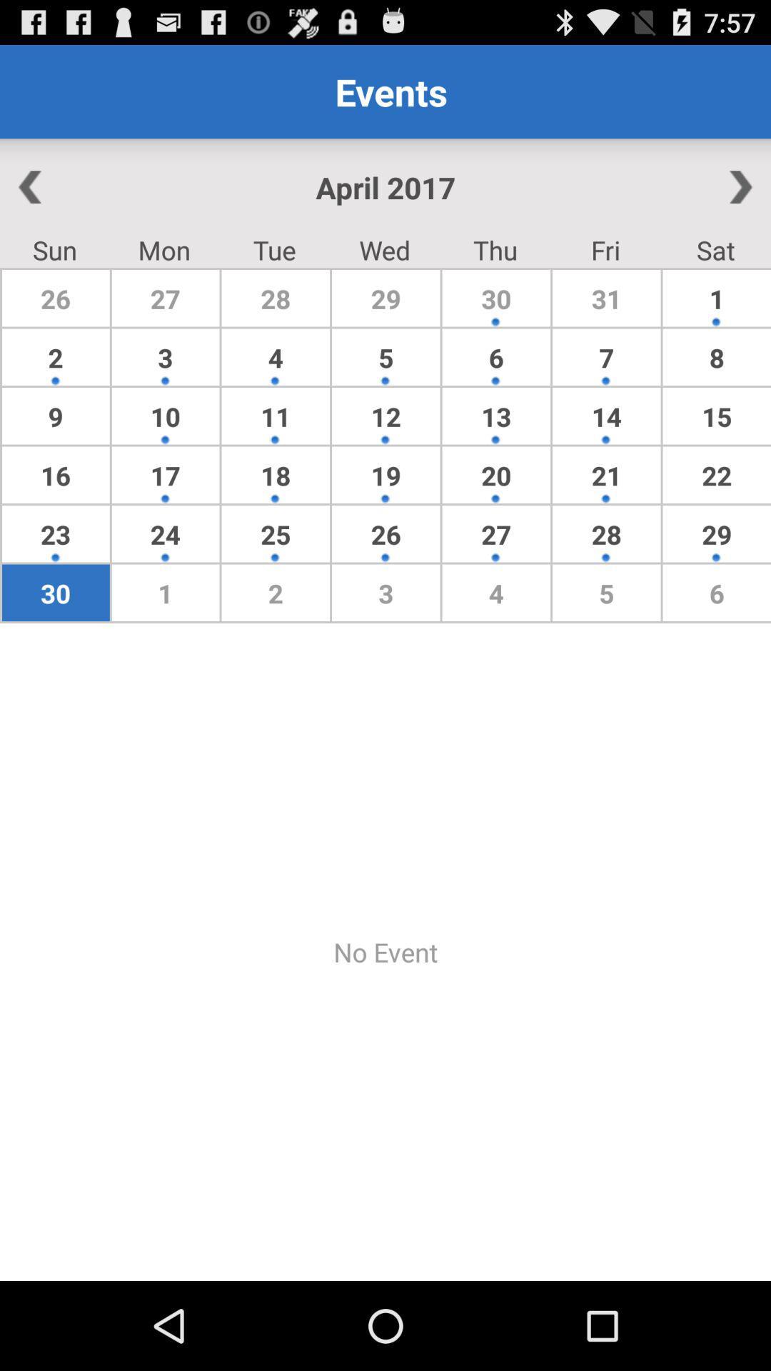  Describe the element at coordinates (165, 533) in the screenshot. I see `app above 30 icon` at that location.